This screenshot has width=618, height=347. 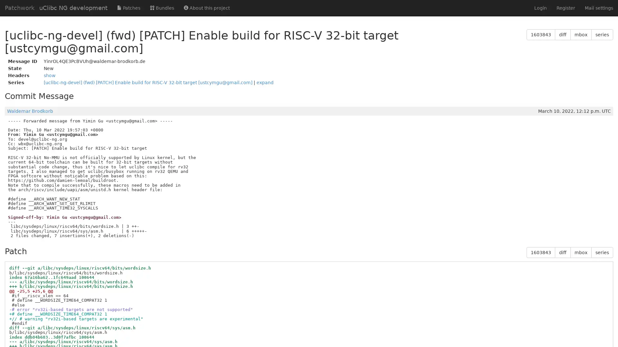 What do you see at coordinates (602, 35) in the screenshot?
I see `series` at bounding box center [602, 35].